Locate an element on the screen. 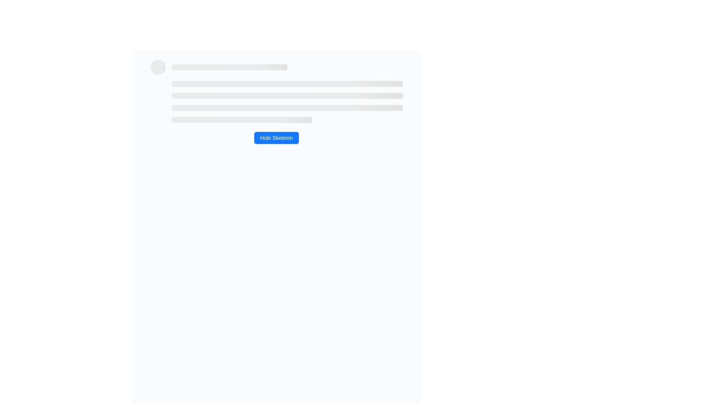 Image resolution: width=721 pixels, height=406 pixels. the skeleton placeholder component representing placeholder content, which consists of horizontal grey bars aligned vertically within the section is located at coordinates (287, 91).